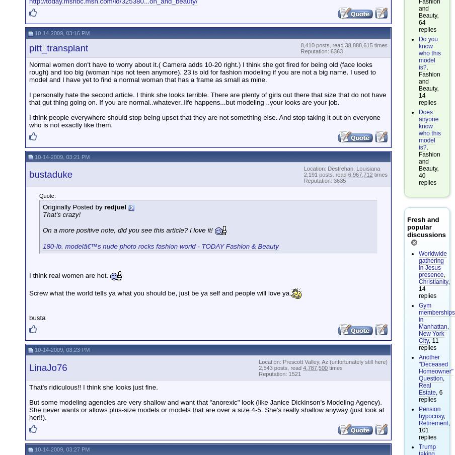 The height and width of the screenshot is (455, 455). What do you see at coordinates (418, 343) in the screenshot?
I see `', 11 replies'` at bounding box center [418, 343].